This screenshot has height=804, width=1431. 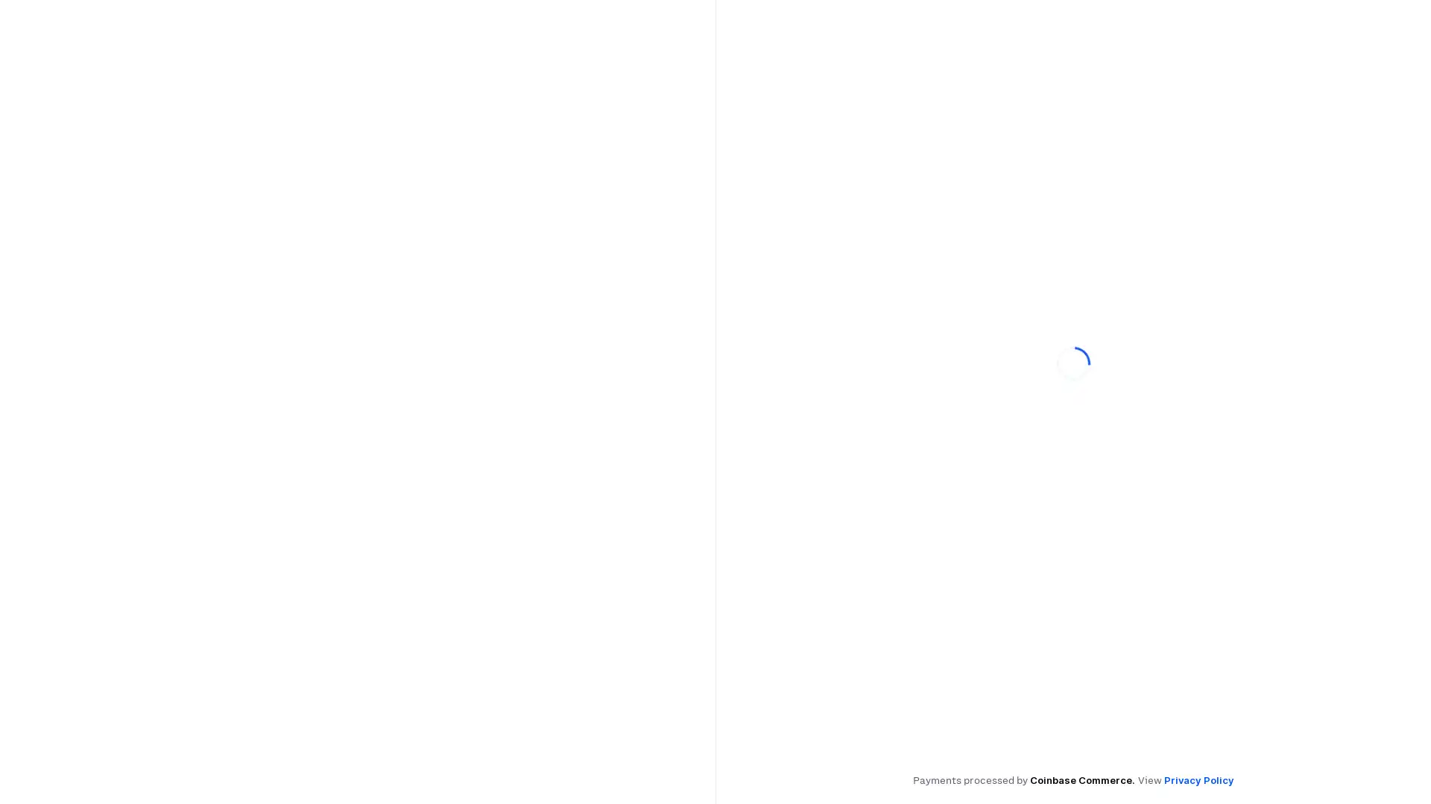 I want to click on Bitcoin Bitcoin BTC, so click(x=831, y=360).